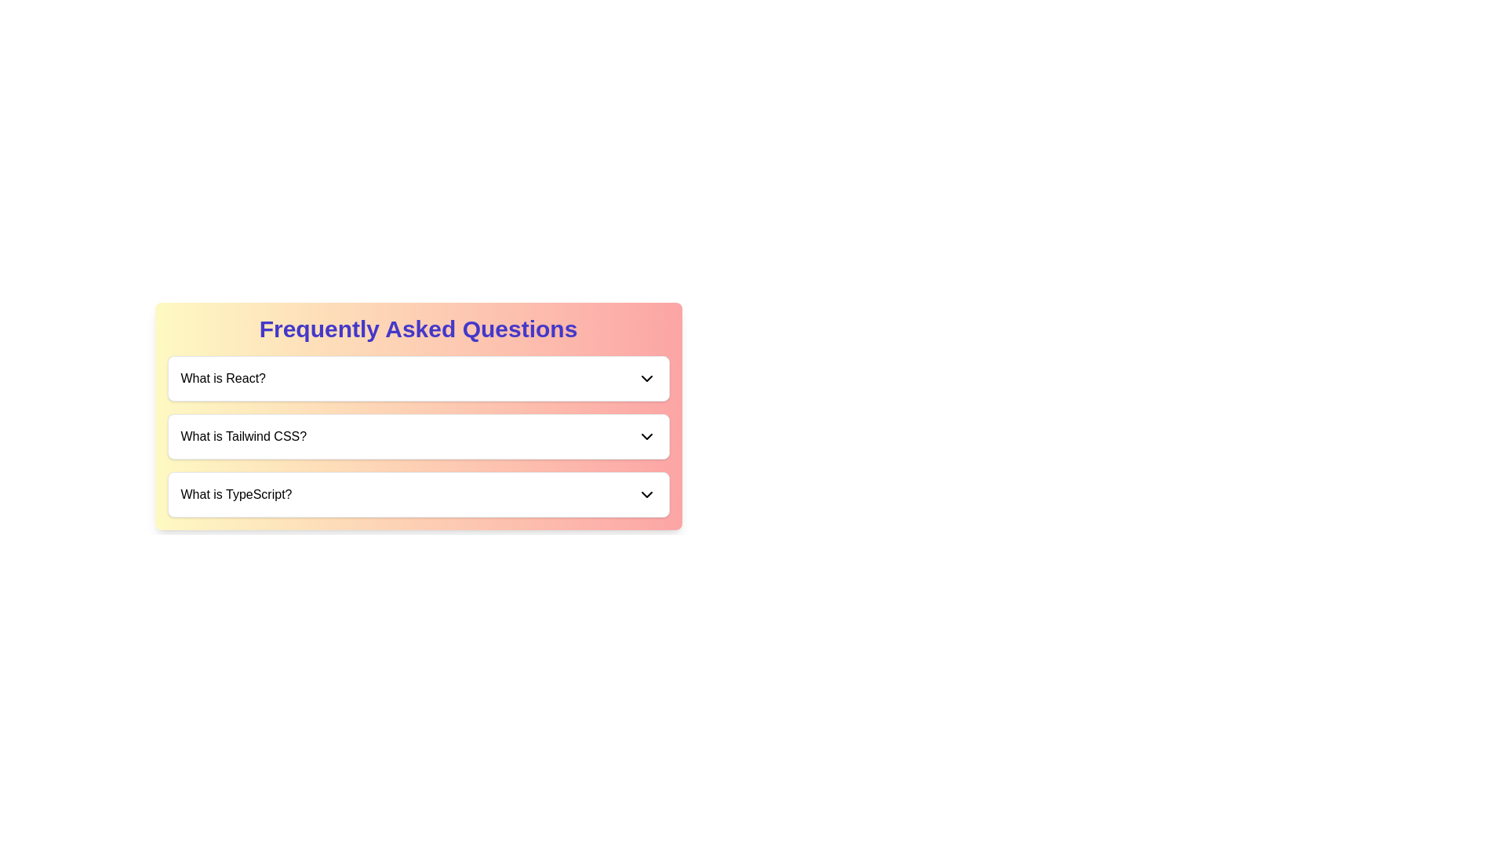 The height and width of the screenshot is (847, 1506). Describe the element at coordinates (418, 495) in the screenshot. I see `the third Accordion Header in the Frequently Asked Questions section` at that location.